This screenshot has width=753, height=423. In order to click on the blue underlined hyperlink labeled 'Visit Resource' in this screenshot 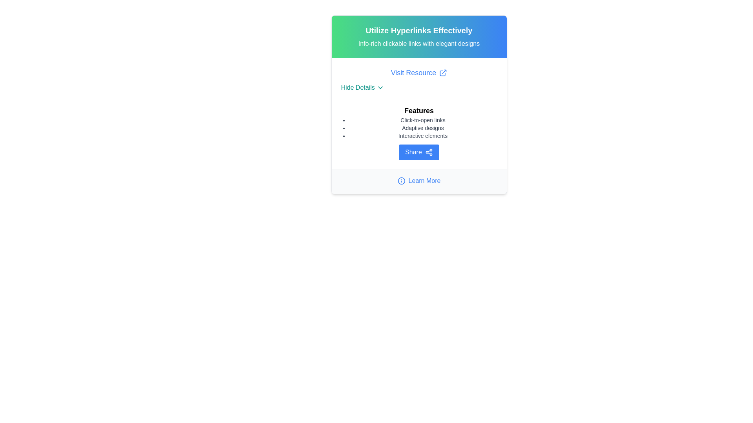, I will do `click(418, 72)`.